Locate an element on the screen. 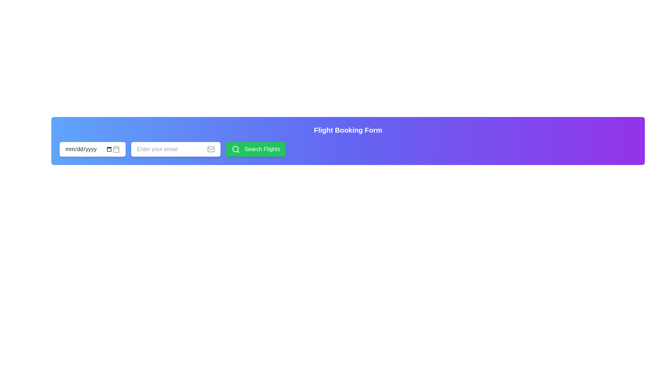  the calendar icon, which is gray and borderless, located to the right of the date input field with the placeholder 'mm/dd/yyyy' is located at coordinates (116, 149).